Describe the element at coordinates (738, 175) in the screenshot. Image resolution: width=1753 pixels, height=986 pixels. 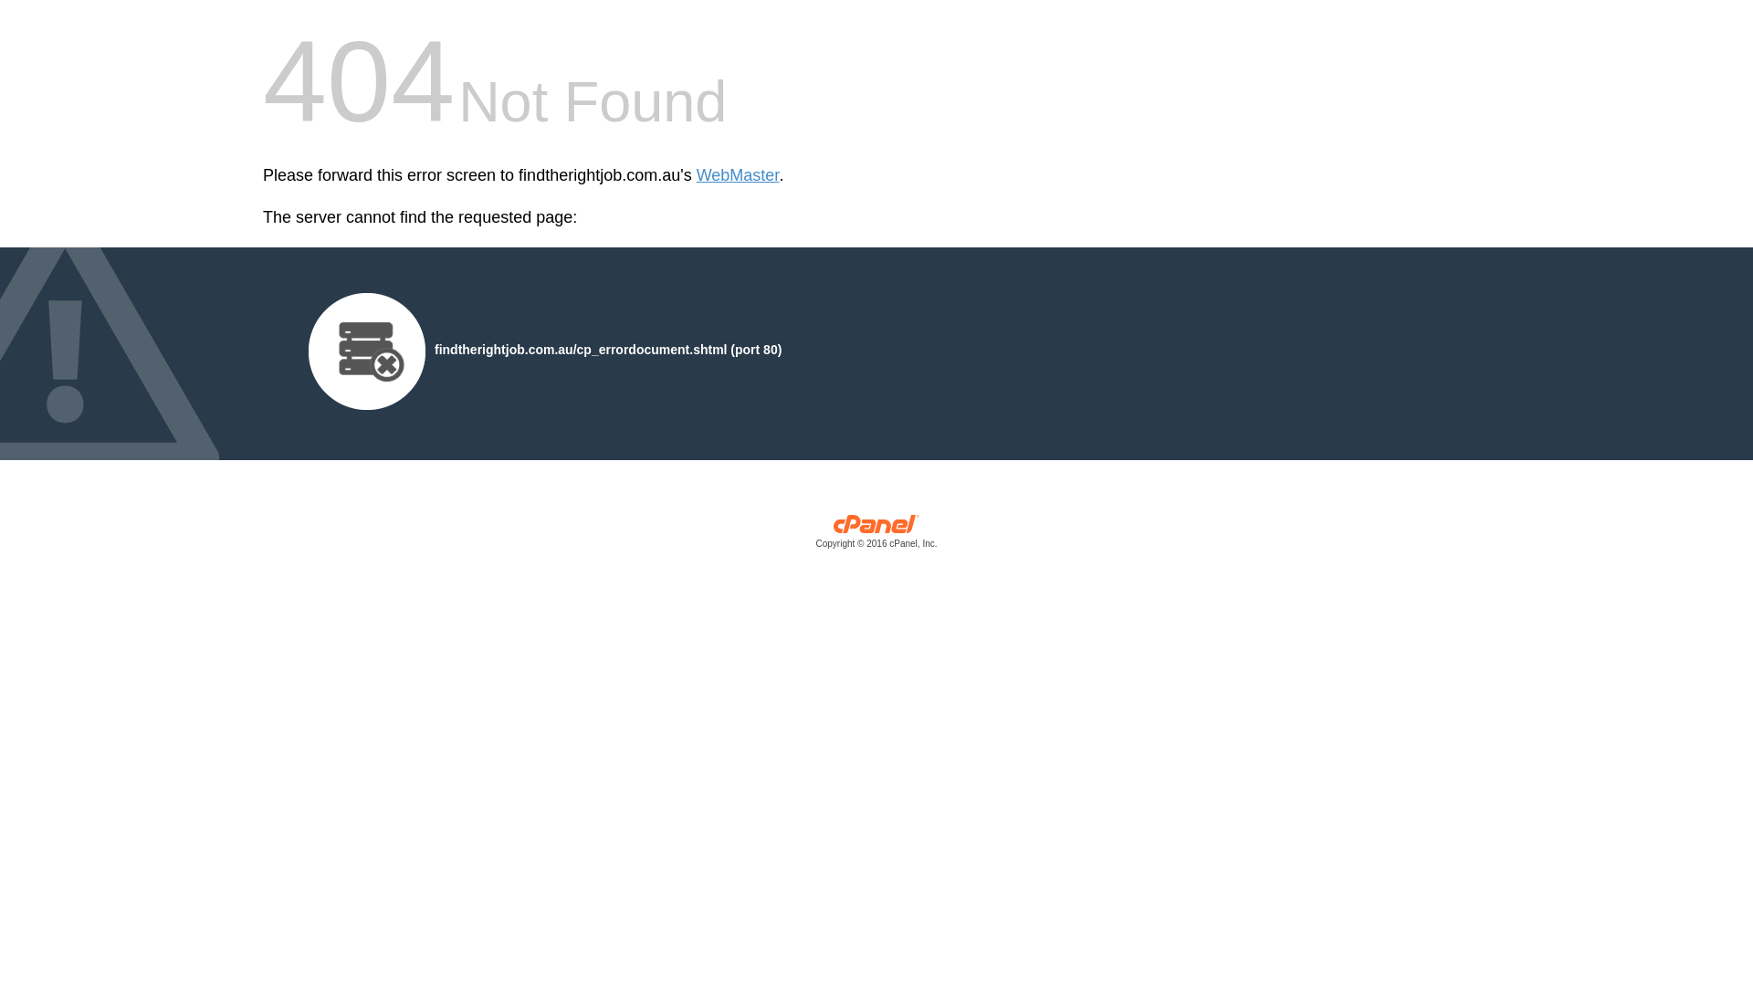
I see `'WebMaster'` at that location.